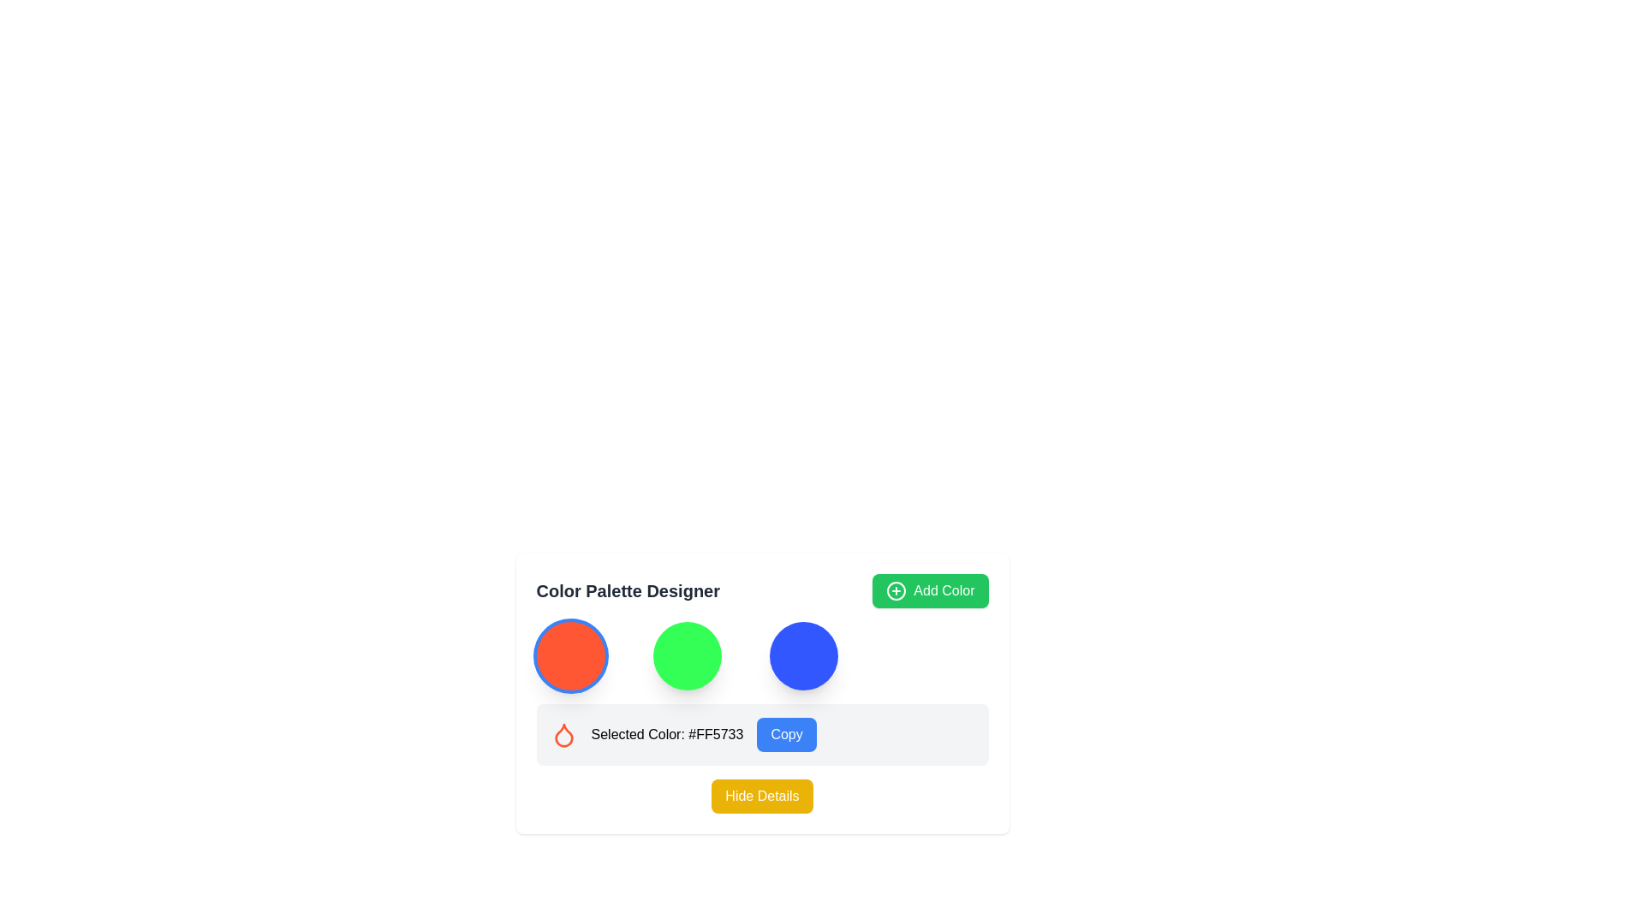 This screenshot has width=1644, height=924. Describe the element at coordinates (563, 734) in the screenshot. I see `the droplet icon representing the selected color '#FF5733' located to the left of the text 'Selected Color: #FF5733'` at that location.